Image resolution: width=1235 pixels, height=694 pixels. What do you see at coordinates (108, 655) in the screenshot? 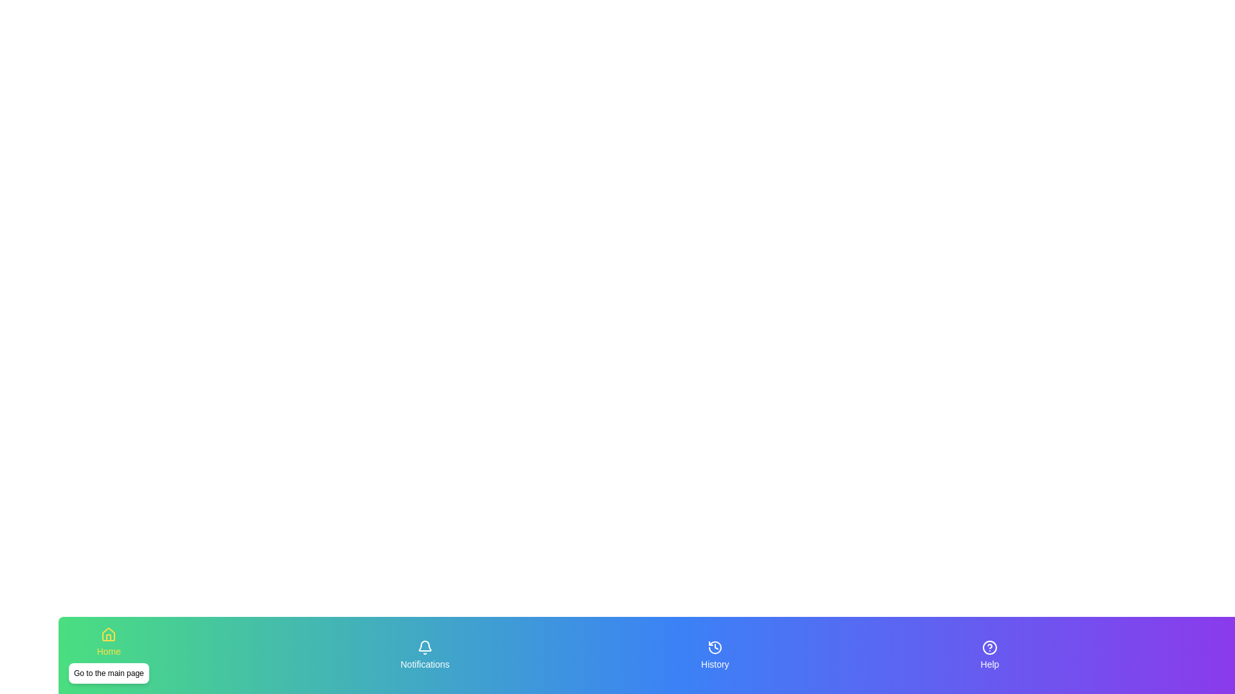
I see `the tab corresponding to Home to navigate to its section` at bounding box center [108, 655].